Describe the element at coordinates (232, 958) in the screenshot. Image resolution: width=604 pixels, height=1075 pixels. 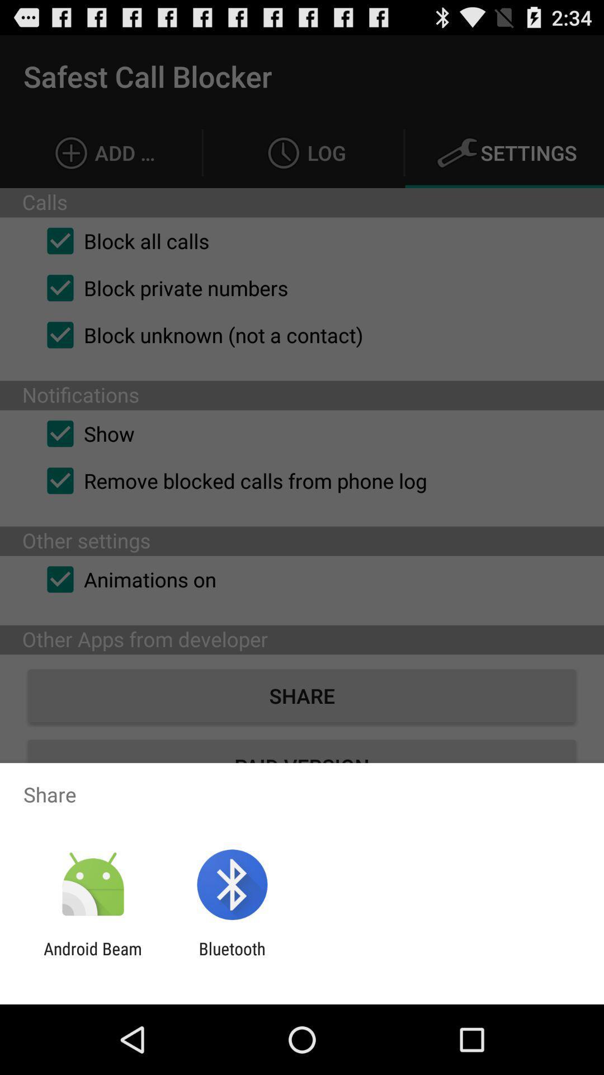
I see `bluetooth` at that location.